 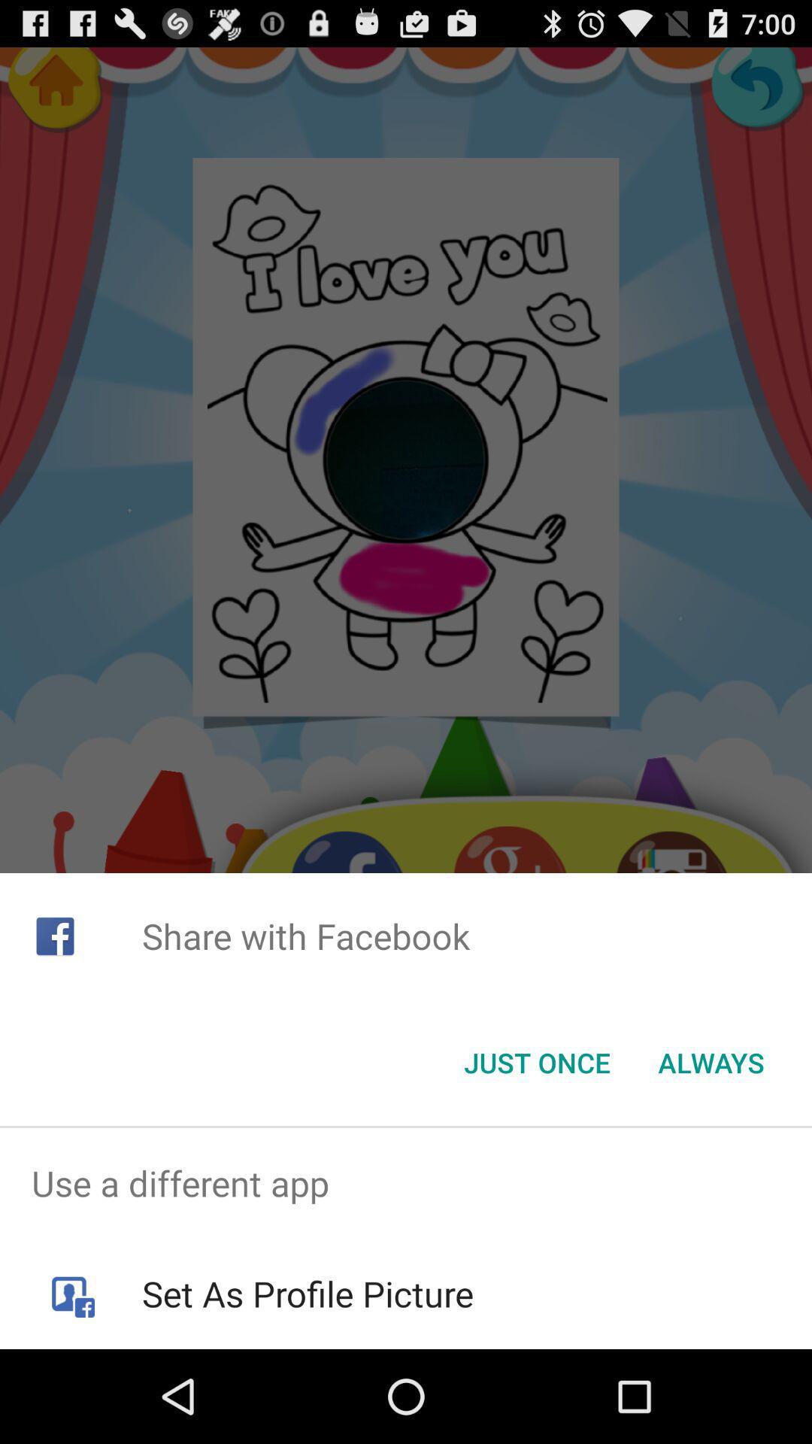 What do you see at coordinates (710, 1061) in the screenshot?
I see `item next to just once item` at bounding box center [710, 1061].